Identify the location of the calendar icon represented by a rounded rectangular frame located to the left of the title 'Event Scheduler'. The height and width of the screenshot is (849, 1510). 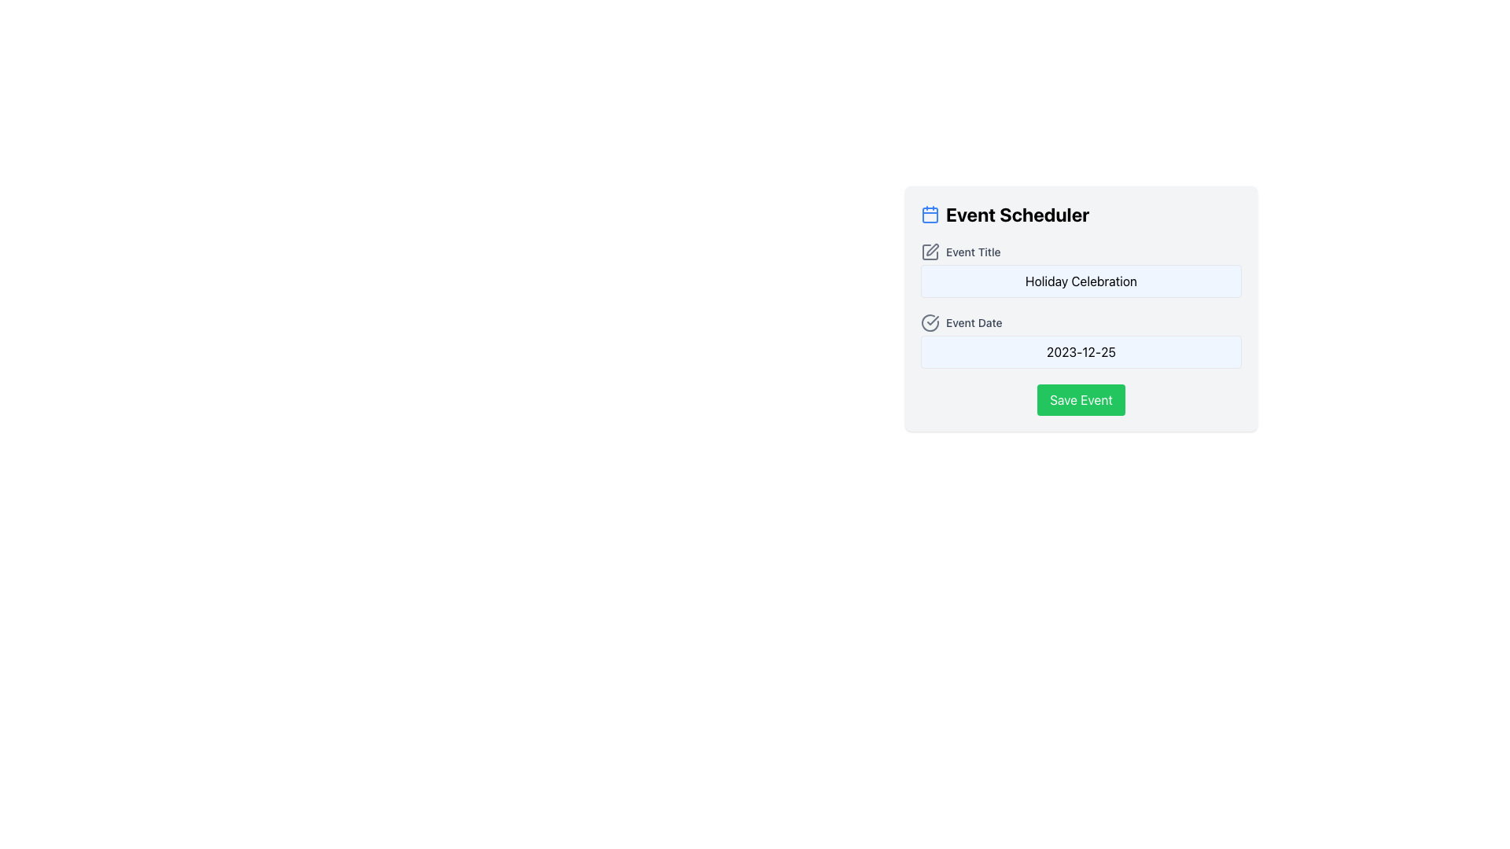
(930, 215).